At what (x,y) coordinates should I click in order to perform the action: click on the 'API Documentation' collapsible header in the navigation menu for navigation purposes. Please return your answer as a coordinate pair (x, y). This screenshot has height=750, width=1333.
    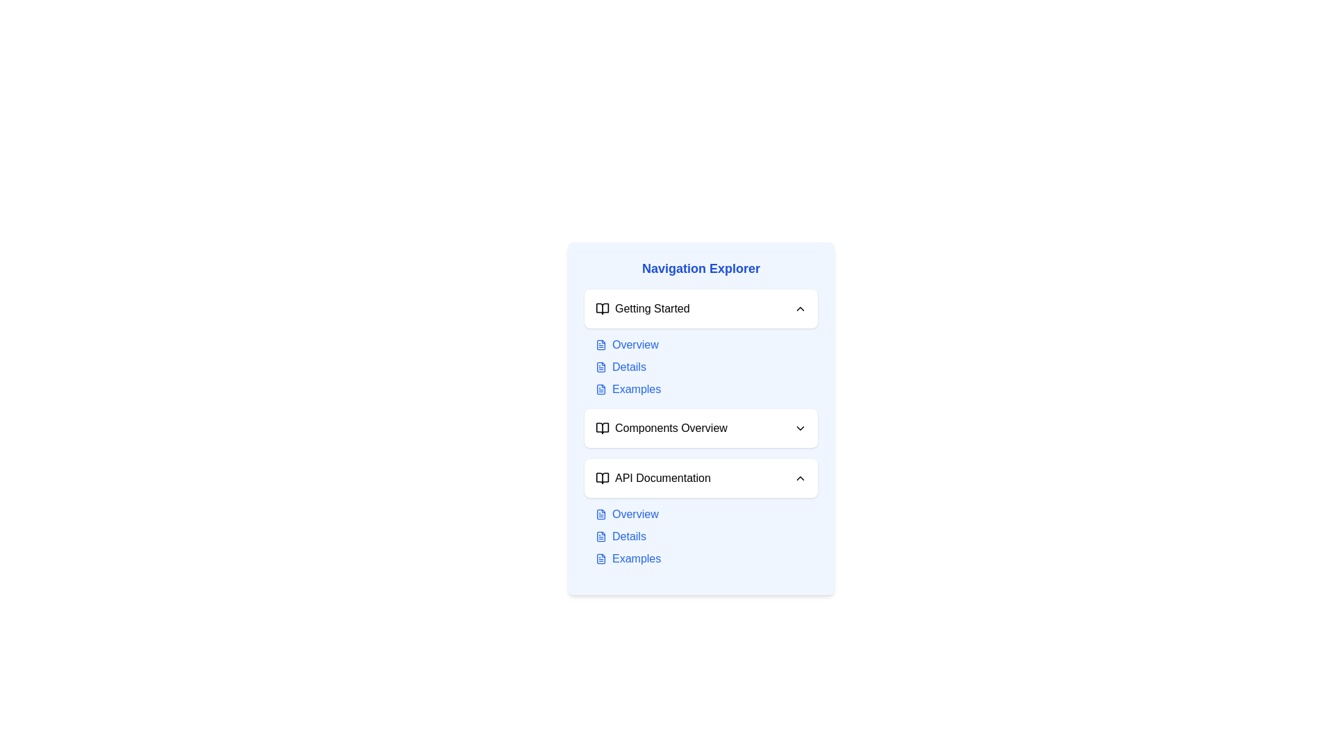
    Looking at the image, I should click on (701, 478).